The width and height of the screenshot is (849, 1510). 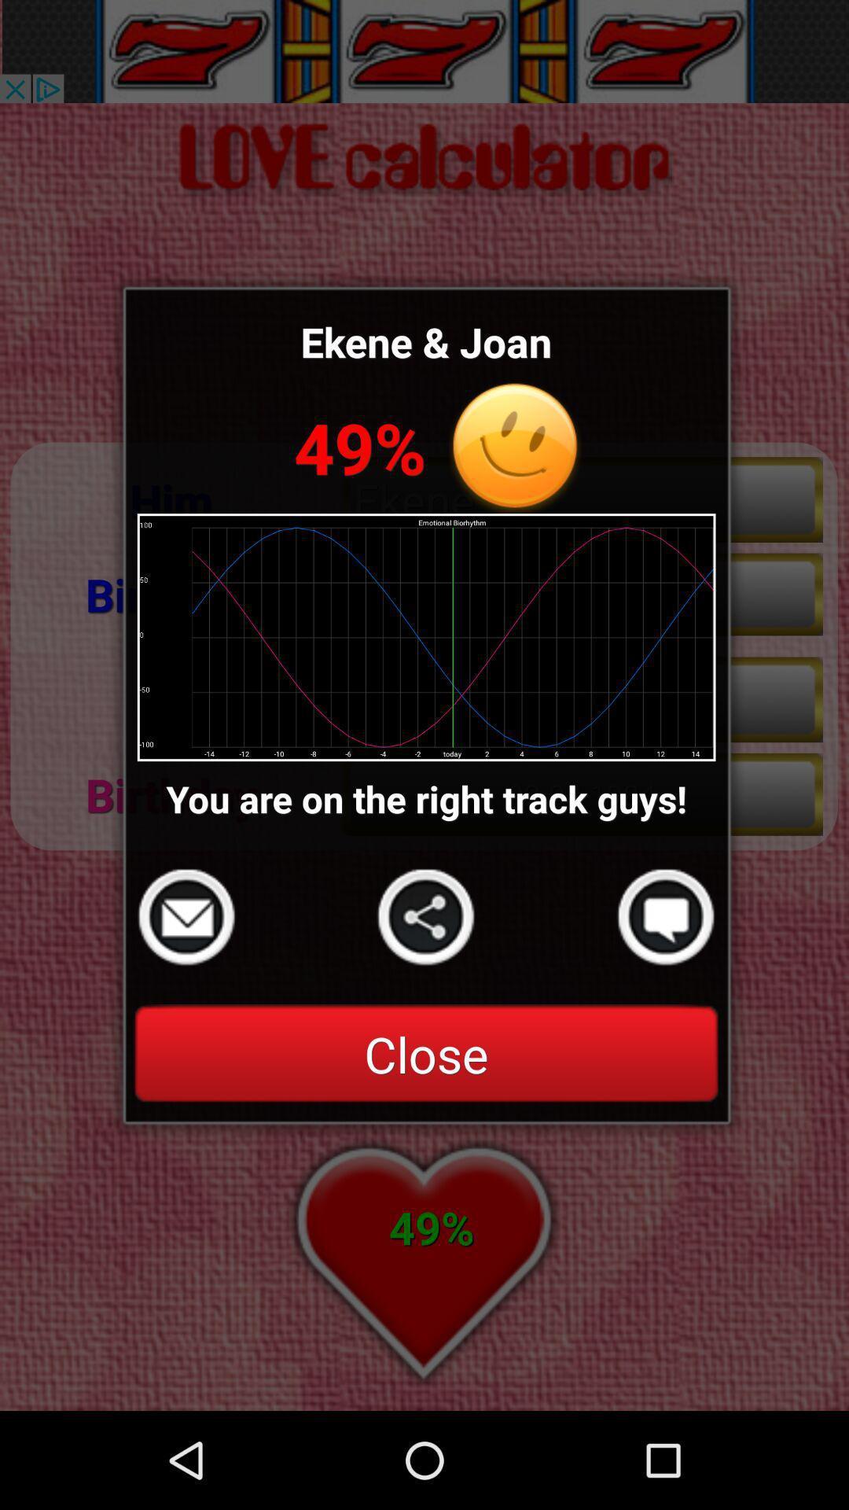 What do you see at coordinates (666, 917) in the screenshot?
I see `for messenger` at bounding box center [666, 917].